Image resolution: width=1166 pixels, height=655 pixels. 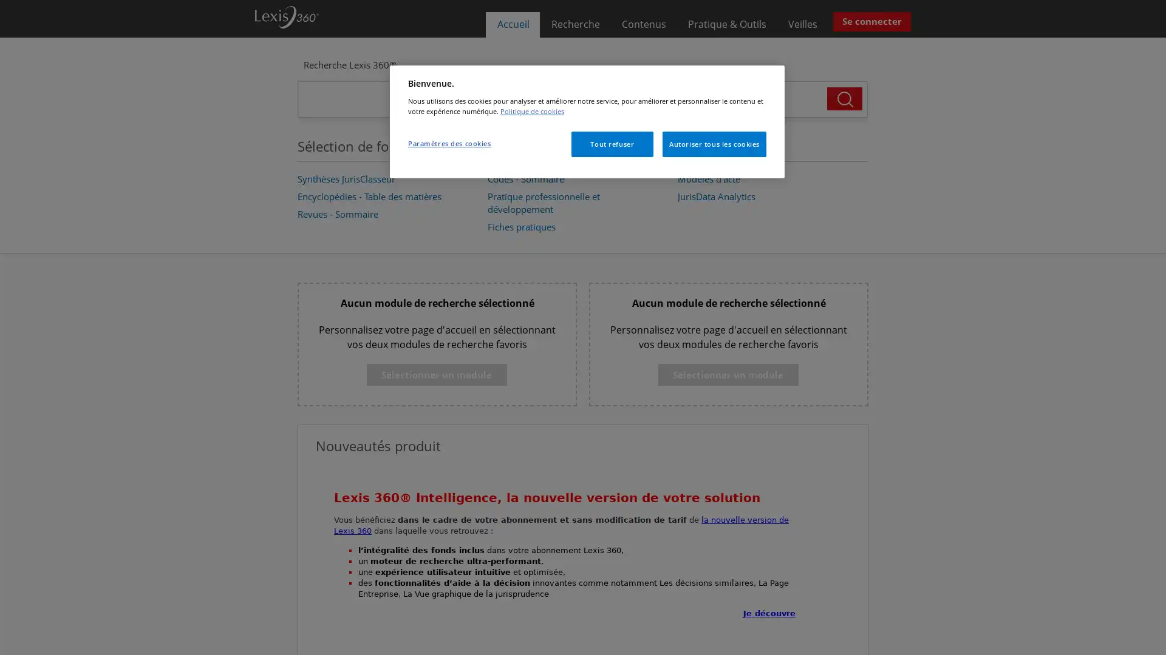 I want to click on Selectionner un module, so click(x=728, y=374).